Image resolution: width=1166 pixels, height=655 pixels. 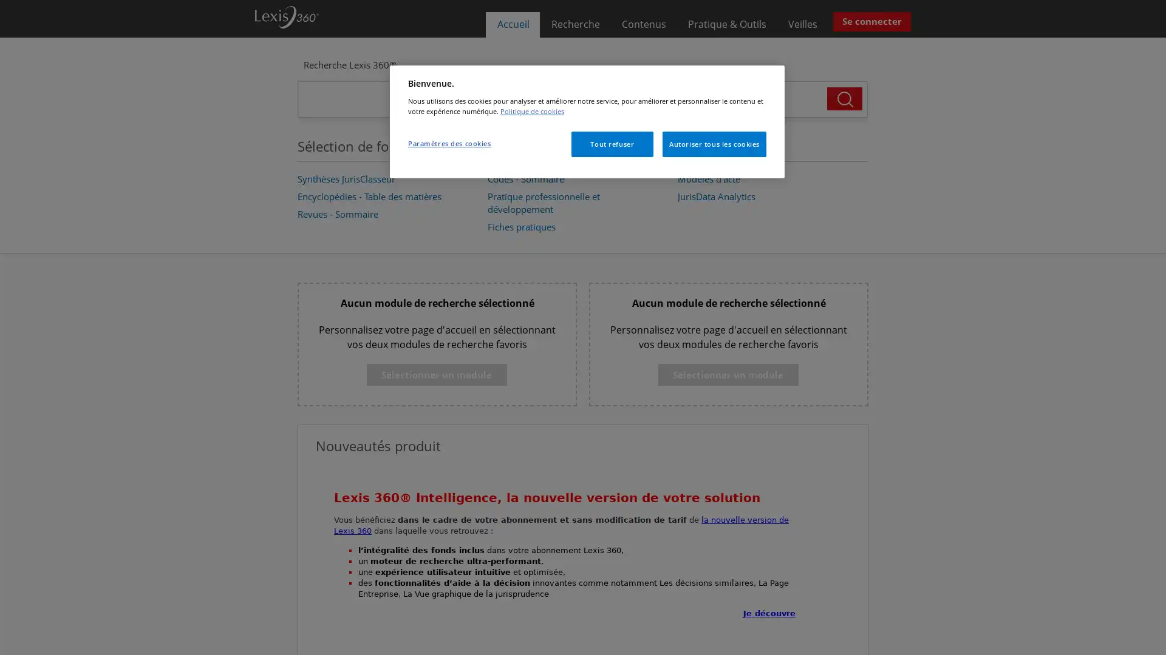 I want to click on Selectionner un module, so click(x=728, y=374).